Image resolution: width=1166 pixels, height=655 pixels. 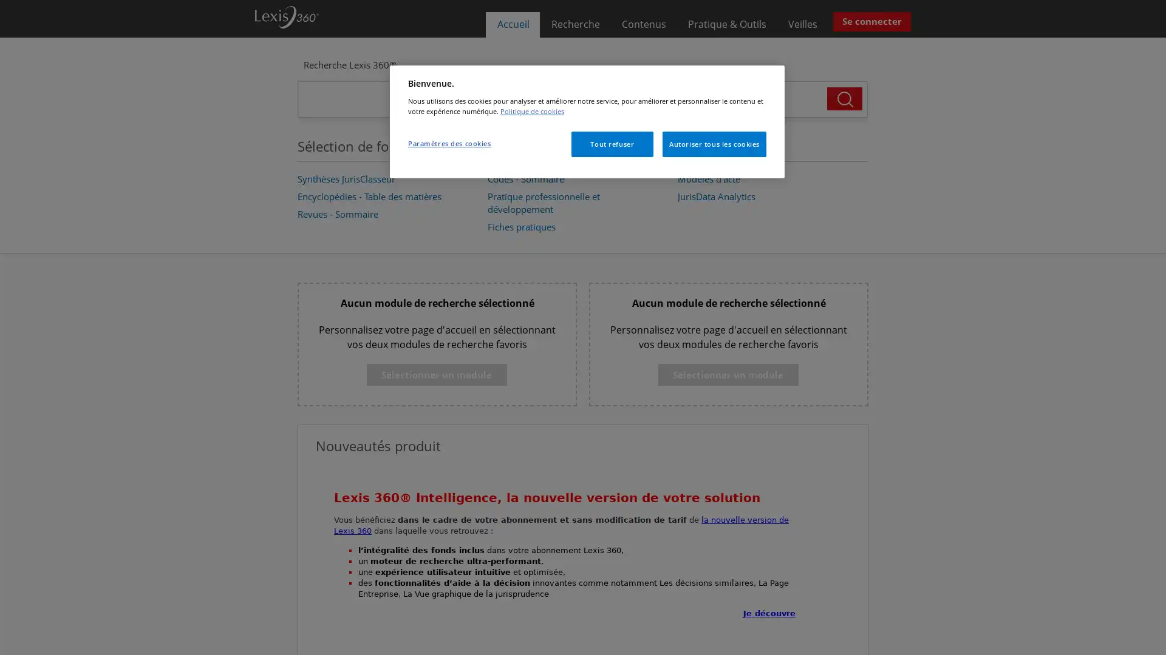 I want to click on Selectionner un module, so click(x=728, y=374).